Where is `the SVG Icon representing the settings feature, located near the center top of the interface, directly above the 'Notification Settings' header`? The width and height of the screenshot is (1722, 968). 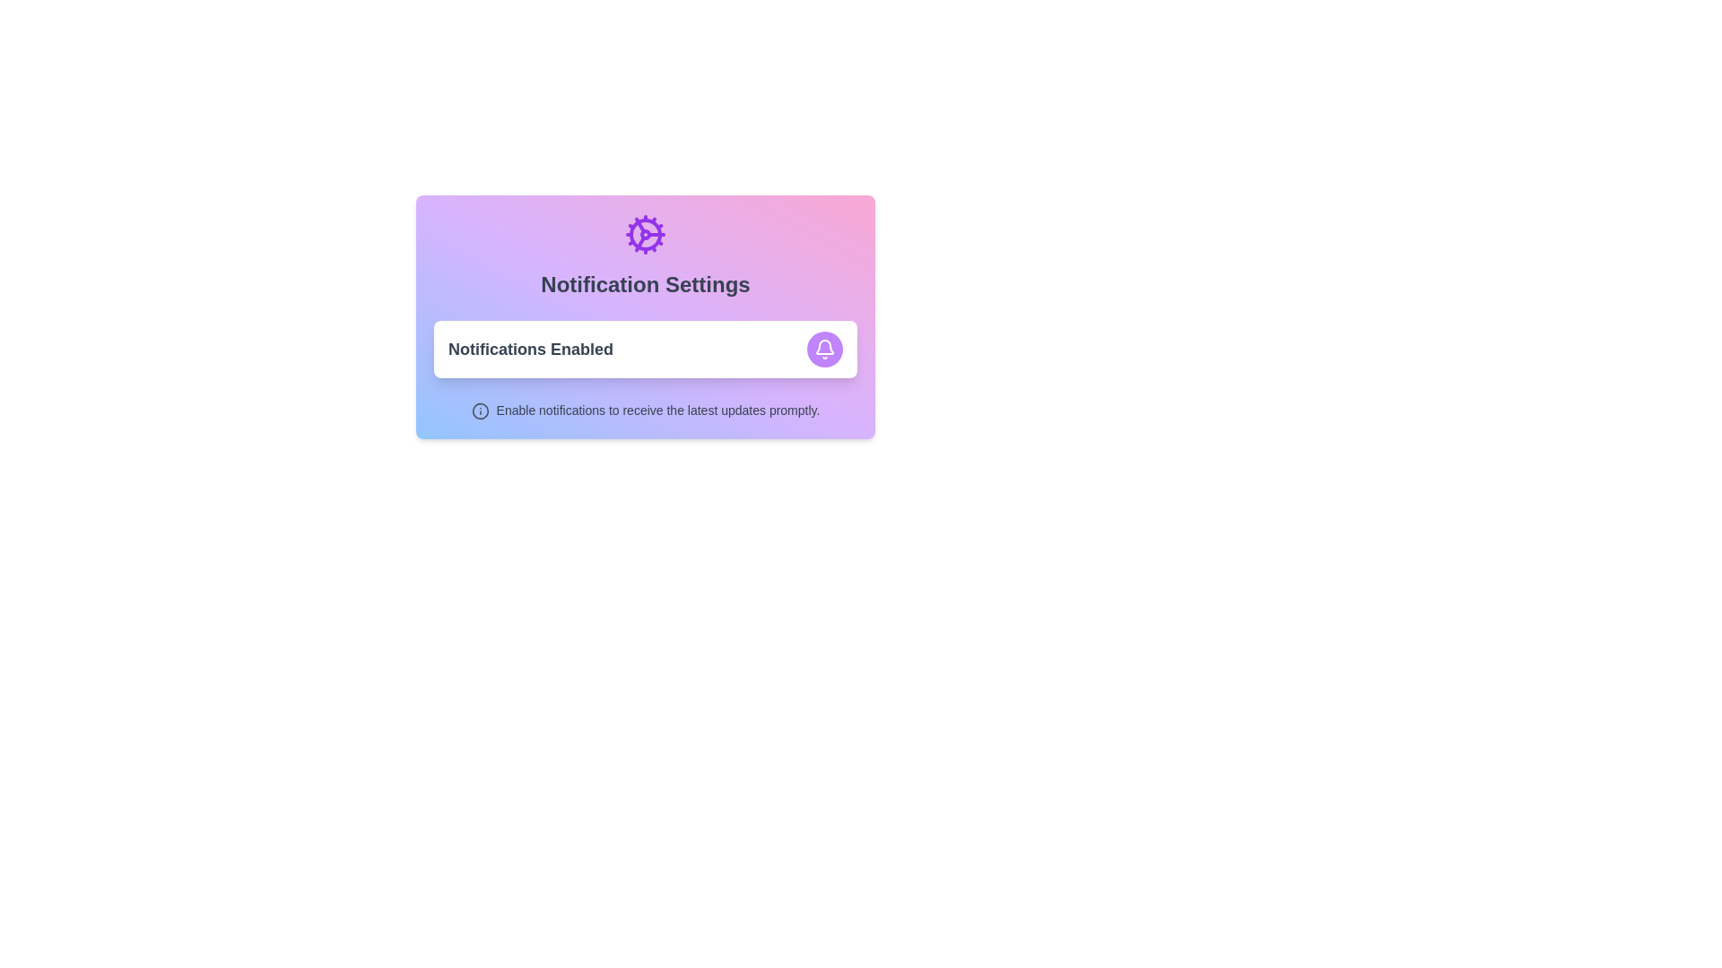 the SVG Icon representing the settings feature, located near the center top of the interface, directly above the 'Notification Settings' header is located at coordinates (646, 234).